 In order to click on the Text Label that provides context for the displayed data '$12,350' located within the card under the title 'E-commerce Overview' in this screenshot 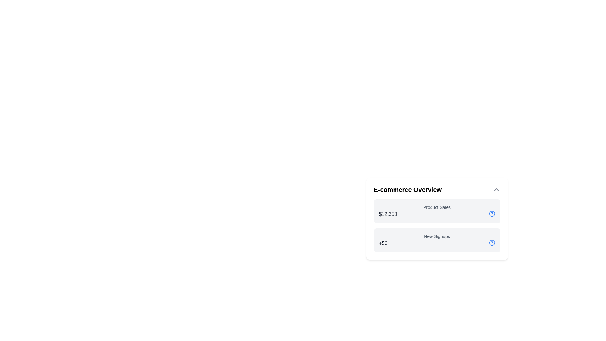, I will do `click(437, 207)`.